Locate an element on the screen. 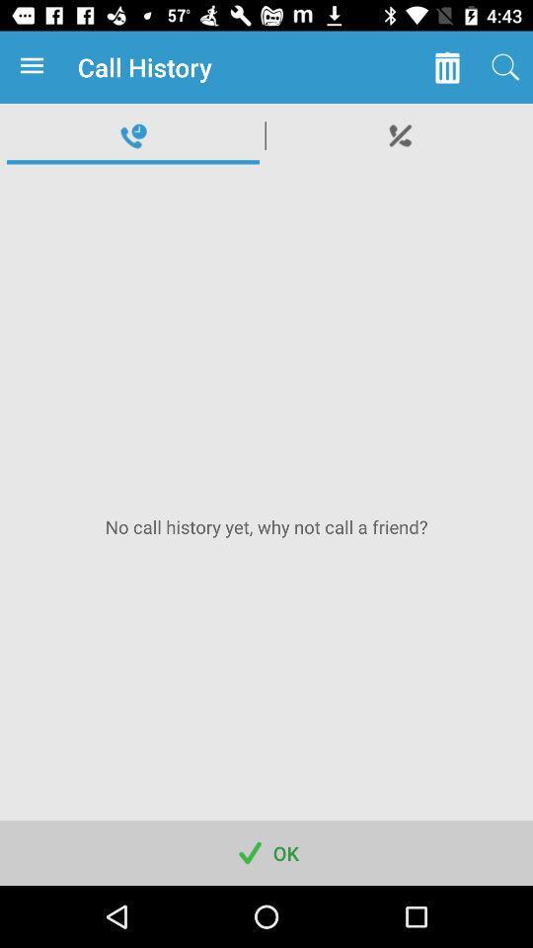 This screenshot has width=533, height=948. icon to the right of call history item is located at coordinates (447, 67).